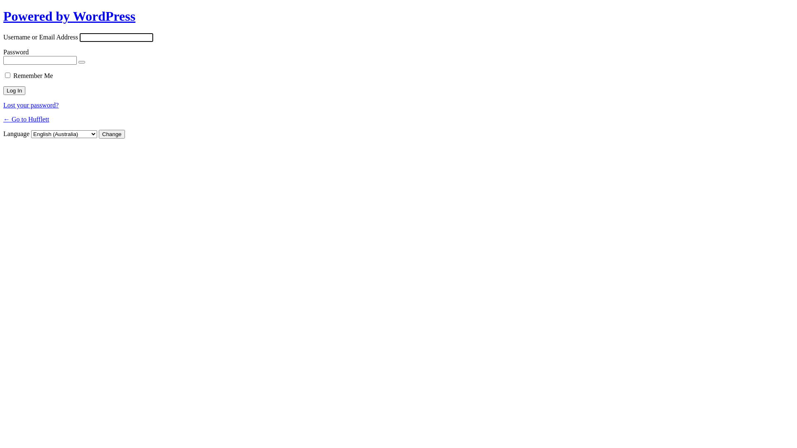  What do you see at coordinates (69, 16) in the screenshot?
I see `'Powered by WordPress'` at bounding box center [69, 16].